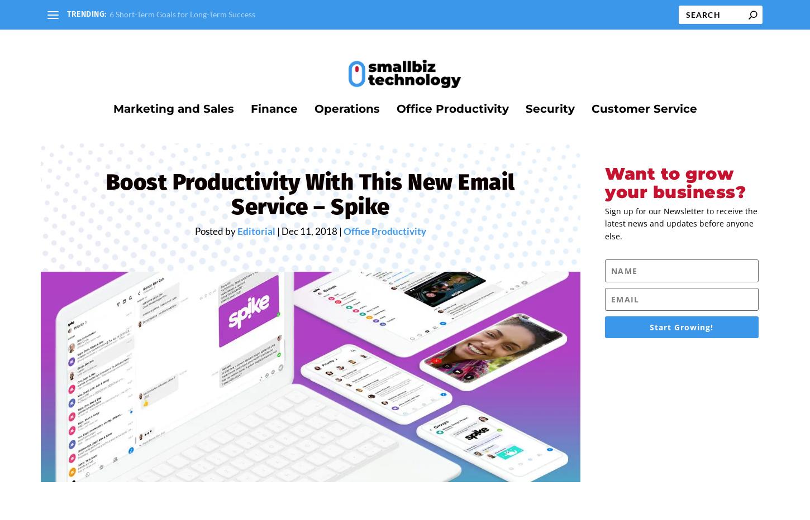 This screenshot has width=810, height=520. I want to click on 'Start Growing!', so click(682, 334).